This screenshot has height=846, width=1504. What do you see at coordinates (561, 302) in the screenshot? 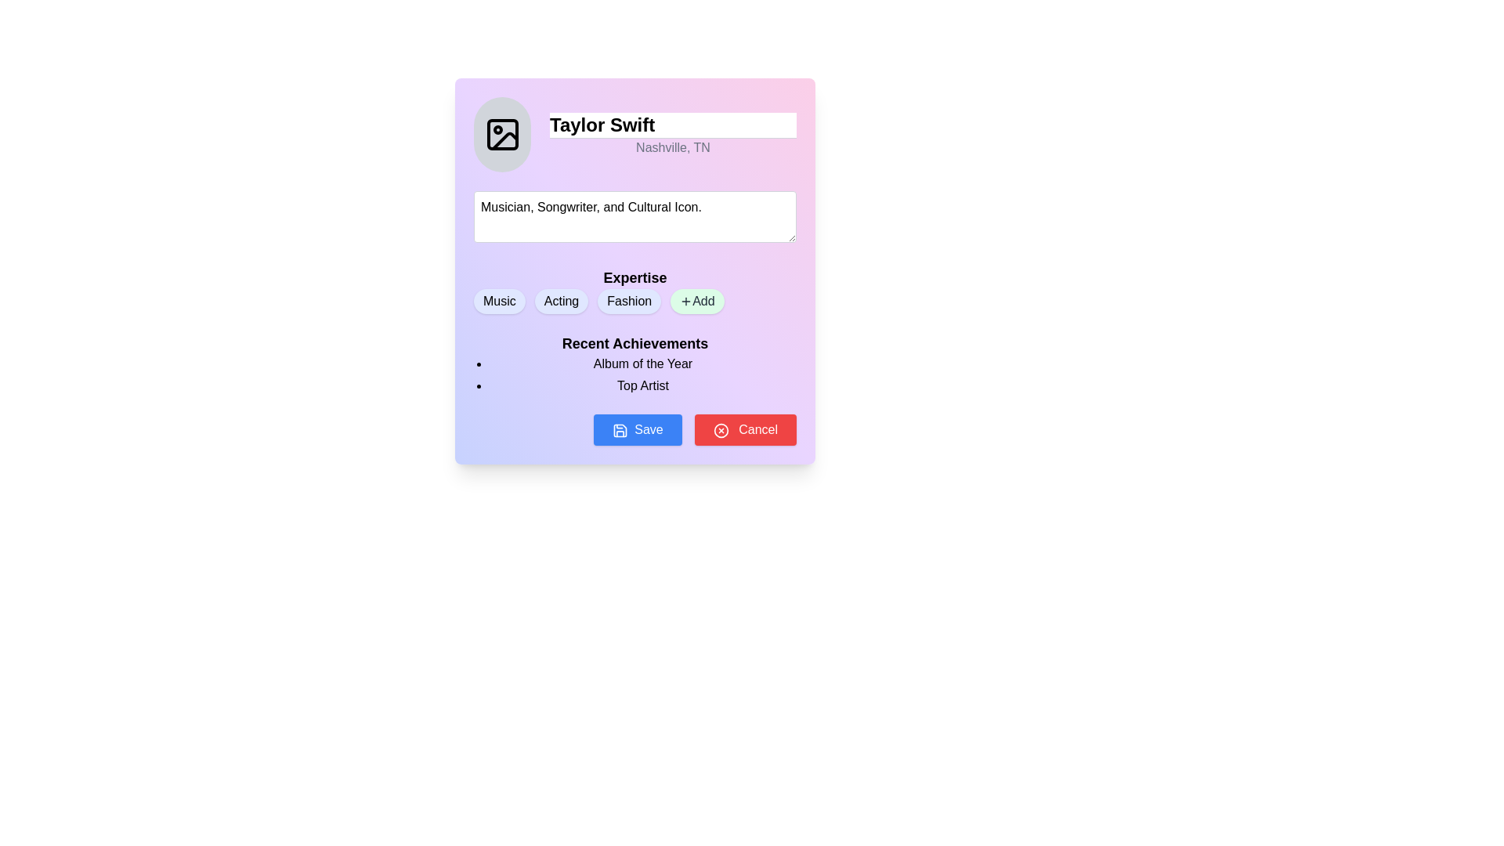
I see `the pill-shaped tag labeled 'Acting' with an indigo background, which is the second tag in the 'Expertise' section, positioned between 'Music' and 'Fashion'` at bounding box center [561, 302].